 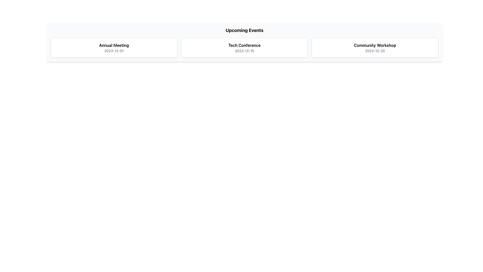 I want to click on the non-interactive text label indicating the date of the 'Tech Conference' event, located directly beneath the 'Tech Conference' text, so click(x=244, y=51).